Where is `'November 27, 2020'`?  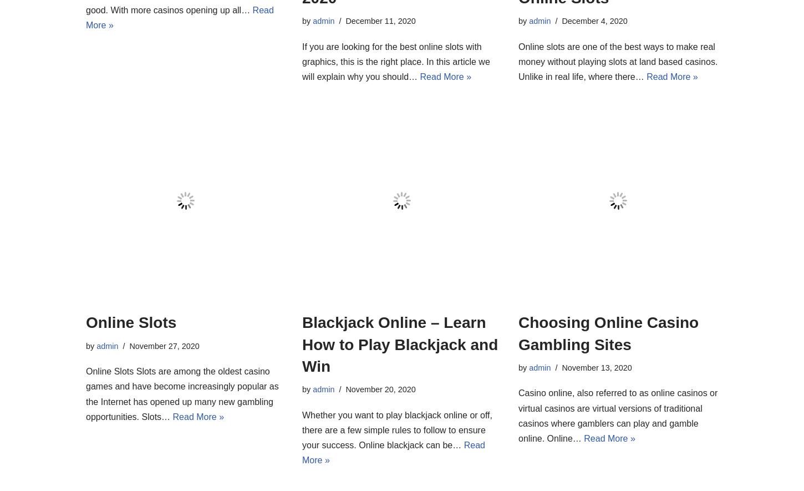 'November 27, 2020' is located at coordinates (164, 345).